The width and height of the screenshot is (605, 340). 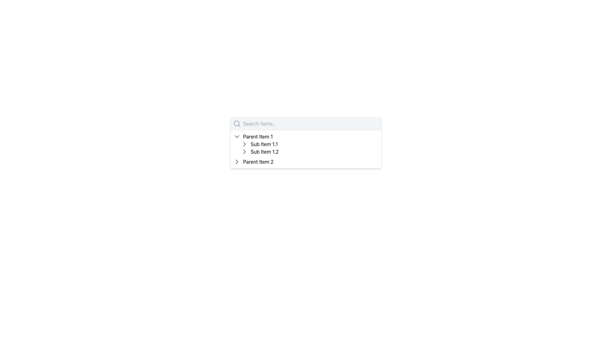 What do you see at coordinates (244, 152) in the screenshot?
I see `the chevron icon located to the left of the text 'Sub Item 1.2'` at bounding box center [244, 152].